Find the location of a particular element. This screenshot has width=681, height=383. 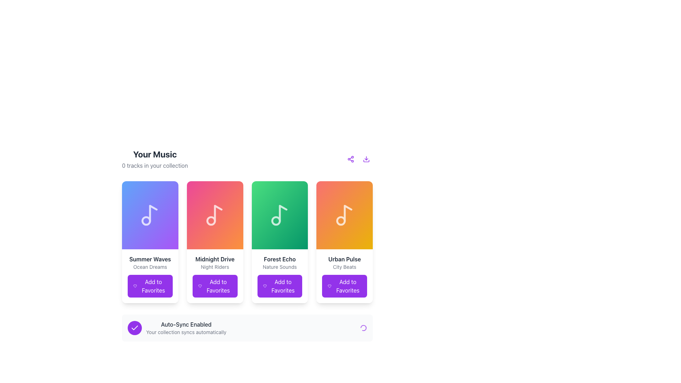

the 'Auto-Sync' enabled icon located to the left of the text 'Auto-Sync Enabled' and 'Your collection syncs automatically' is located at coordinates (134, 328).